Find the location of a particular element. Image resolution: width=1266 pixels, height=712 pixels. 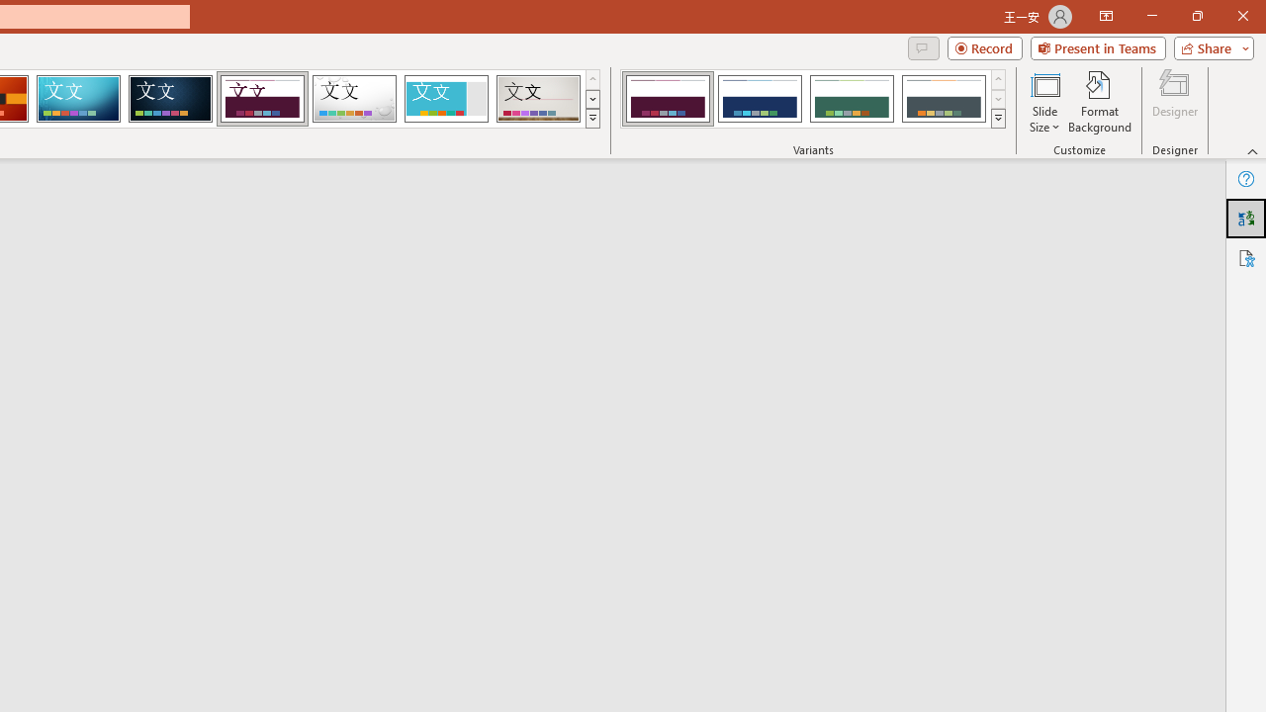

'Dividend Variant 1' is located at coordinates (668, 99).